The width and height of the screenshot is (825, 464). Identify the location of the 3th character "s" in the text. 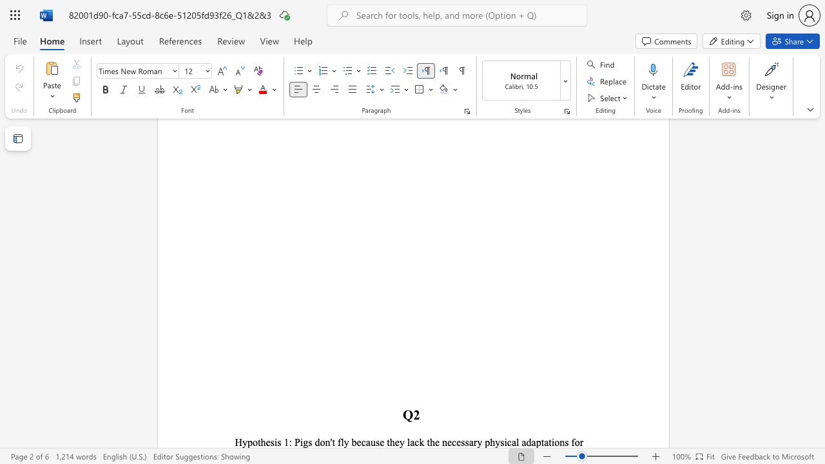
(310, 441).